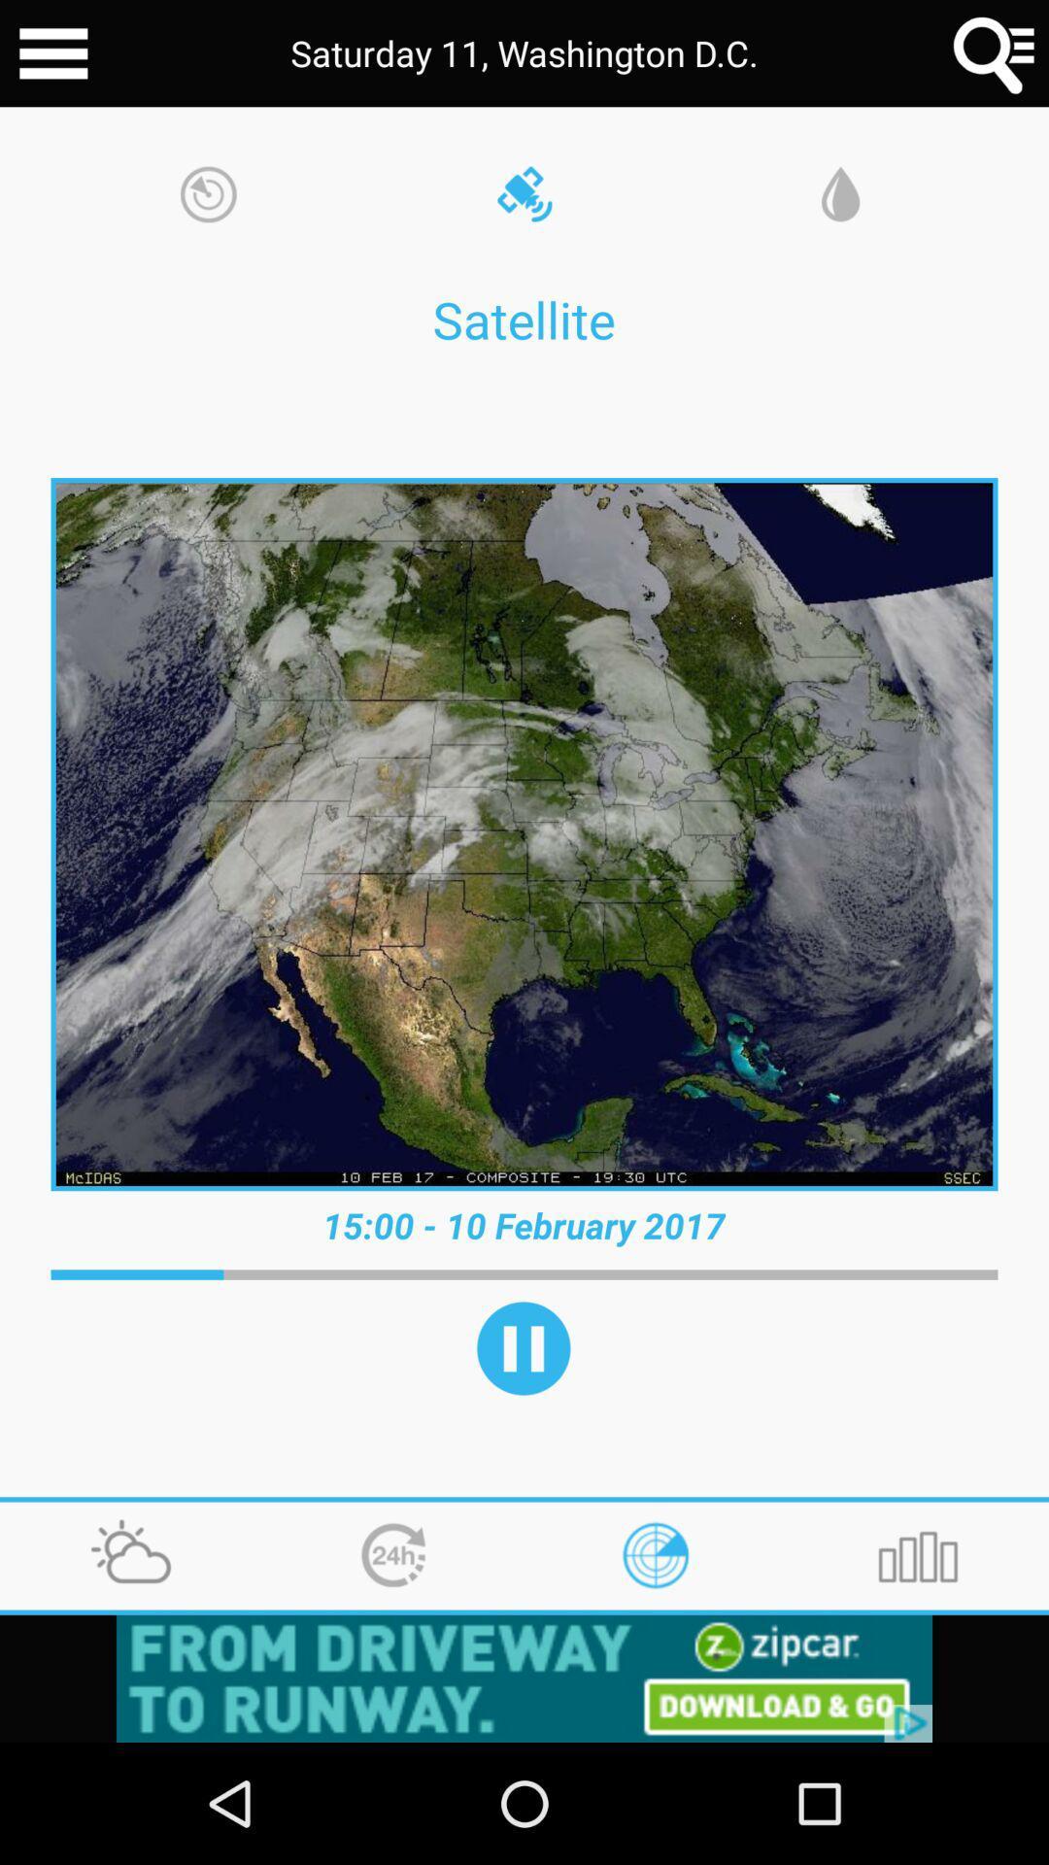 The height and width of the screenshot is (1865, 1049). What do you see at coordinates (995, 53) in the screenshot?
I see `open search options` at bounding box center [995, 53].